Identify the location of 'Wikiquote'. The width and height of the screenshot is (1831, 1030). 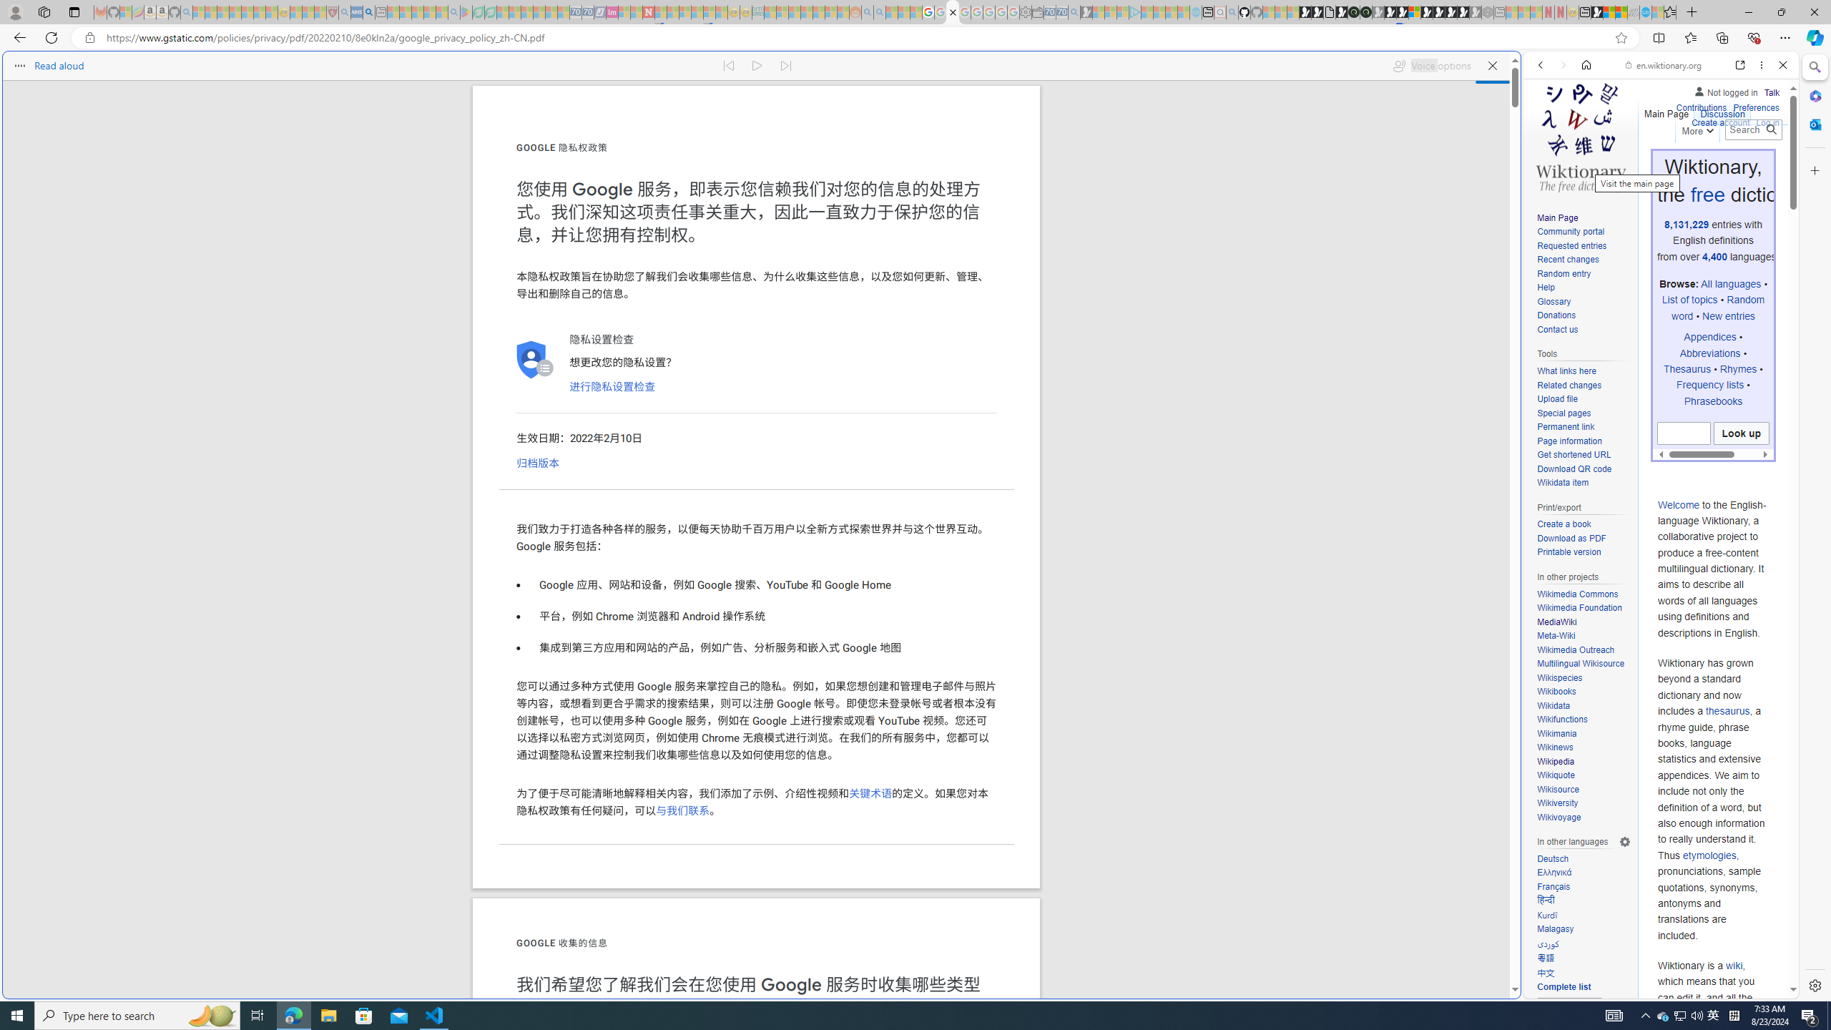
(1583, 775).